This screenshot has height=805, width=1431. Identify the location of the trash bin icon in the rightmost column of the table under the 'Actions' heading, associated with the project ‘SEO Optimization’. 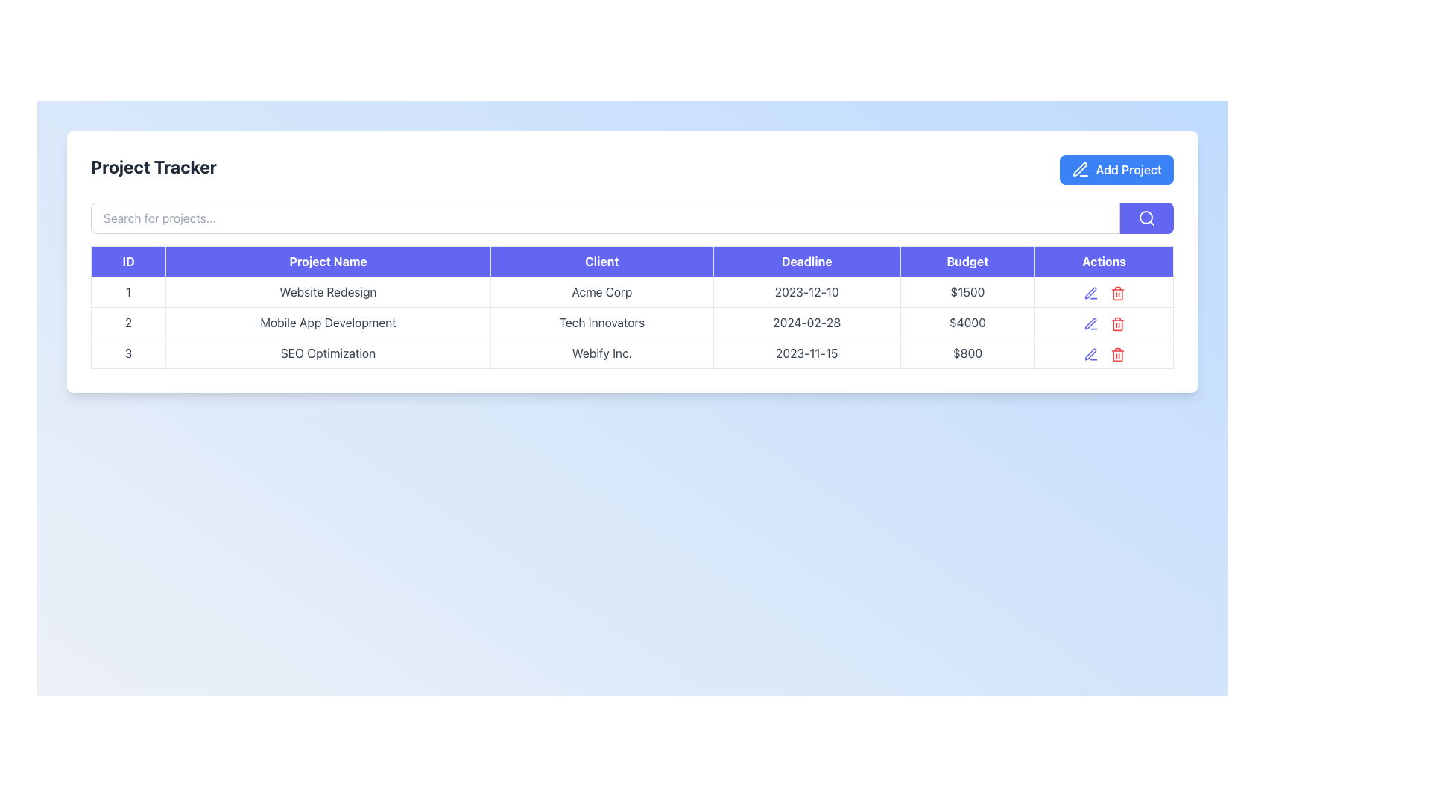
(1117, 356).